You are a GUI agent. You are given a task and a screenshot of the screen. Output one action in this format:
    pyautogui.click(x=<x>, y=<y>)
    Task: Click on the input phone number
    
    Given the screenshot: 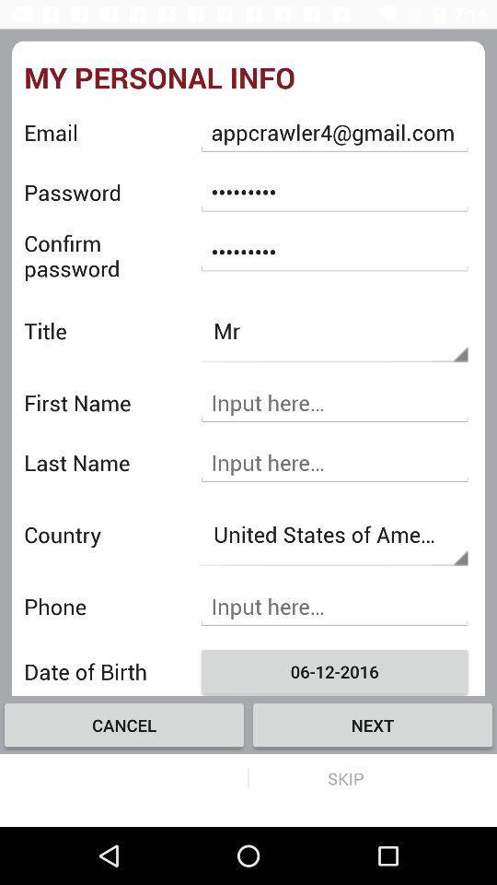 What is the action you would take?
    pyautogui.click(x=333, y=606)
    